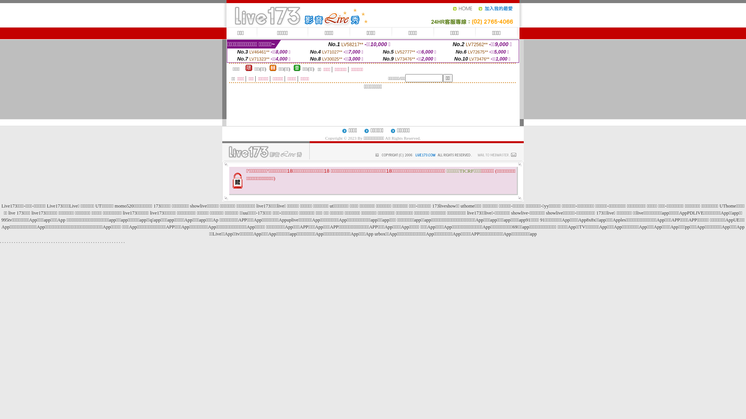 This screenshot has height=419, width=746. Describe the element at coordinates (12, 241) in the screenshot. I see `'.'` at that location.